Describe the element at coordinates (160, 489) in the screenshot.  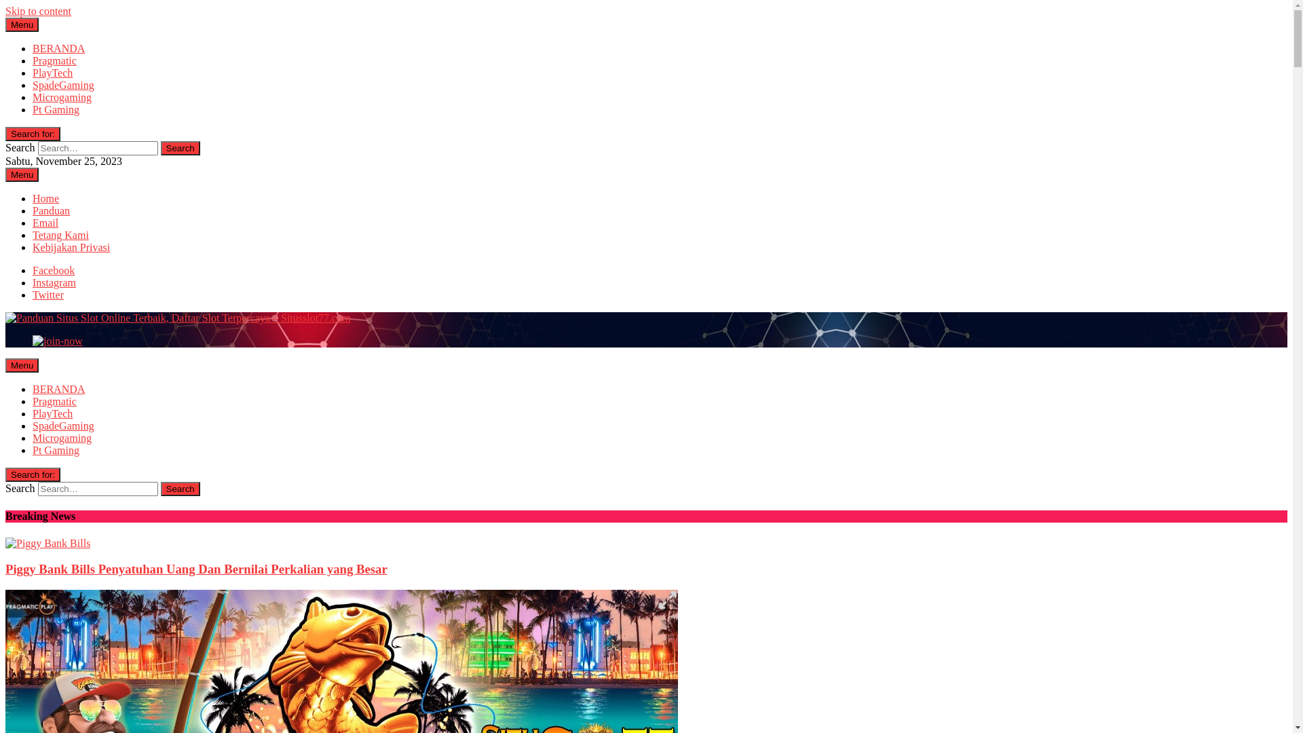
I see `'Search'` at that location.